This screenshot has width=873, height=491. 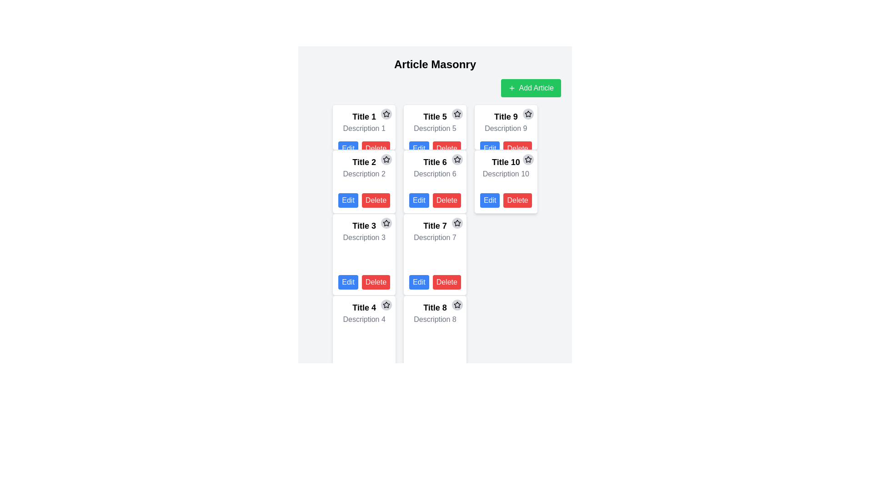 I want to click on the button, so click(x=386, y=159).